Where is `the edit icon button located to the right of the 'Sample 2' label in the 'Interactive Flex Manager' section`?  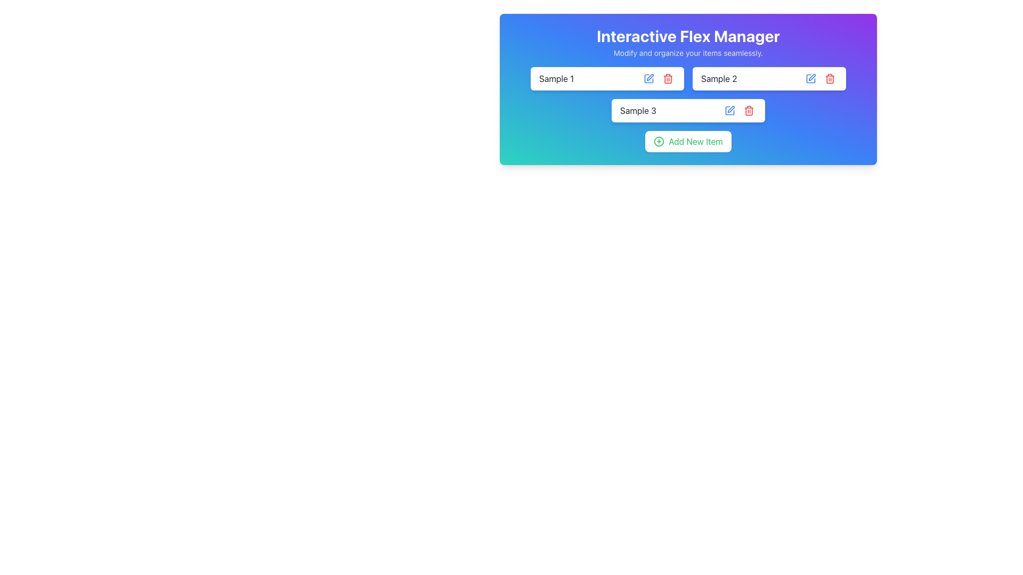
the edit icon button located to the right of the 'Sample 2' label in the 'Interactive Flex Manager' section is located at coordinates (810, 78).